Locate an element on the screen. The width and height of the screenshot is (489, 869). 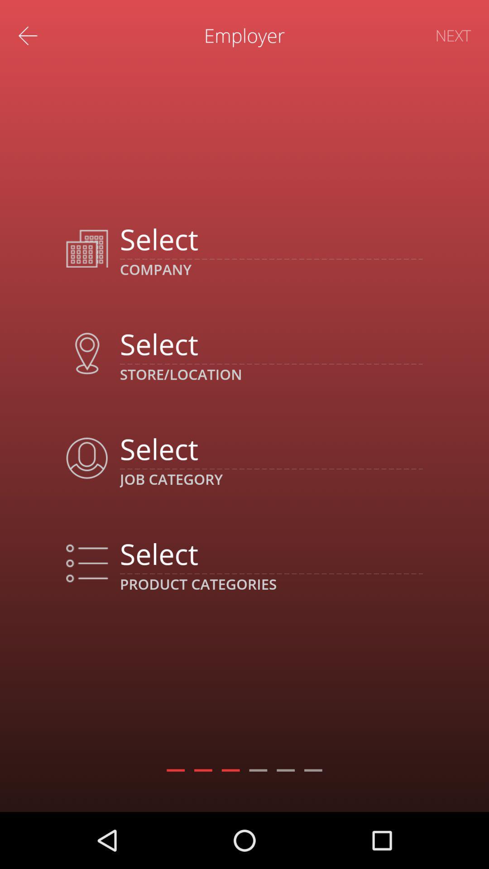
the icon in the fourth option is located at coordinates (87, 563).